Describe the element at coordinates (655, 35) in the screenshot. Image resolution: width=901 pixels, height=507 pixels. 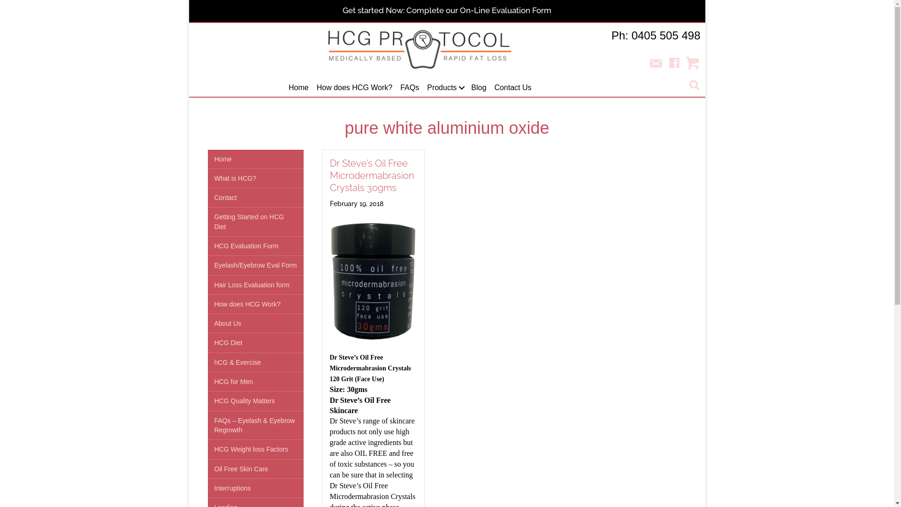
I see `'Ph: 0405 505 498'` at that location.